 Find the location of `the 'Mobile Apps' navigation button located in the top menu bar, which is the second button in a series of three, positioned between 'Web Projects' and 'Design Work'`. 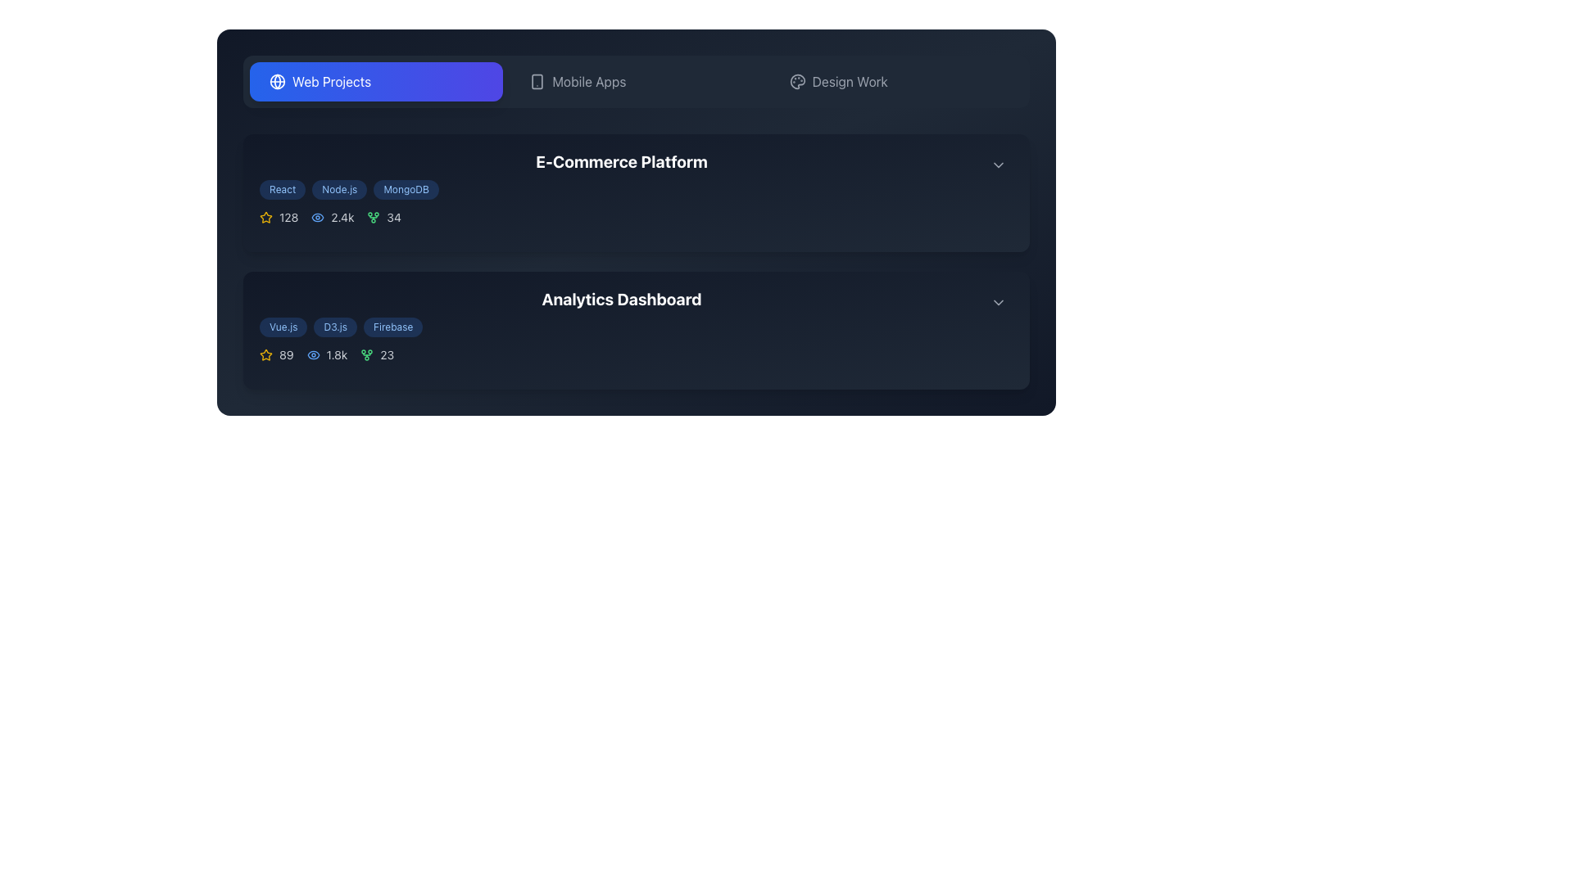

the 'Mobile Apps' navigation button located in the top menu bar, which is the second button in a series of three, positioned between 'Web Projects' and 'Design Work' is located at coordinates (636, 82).